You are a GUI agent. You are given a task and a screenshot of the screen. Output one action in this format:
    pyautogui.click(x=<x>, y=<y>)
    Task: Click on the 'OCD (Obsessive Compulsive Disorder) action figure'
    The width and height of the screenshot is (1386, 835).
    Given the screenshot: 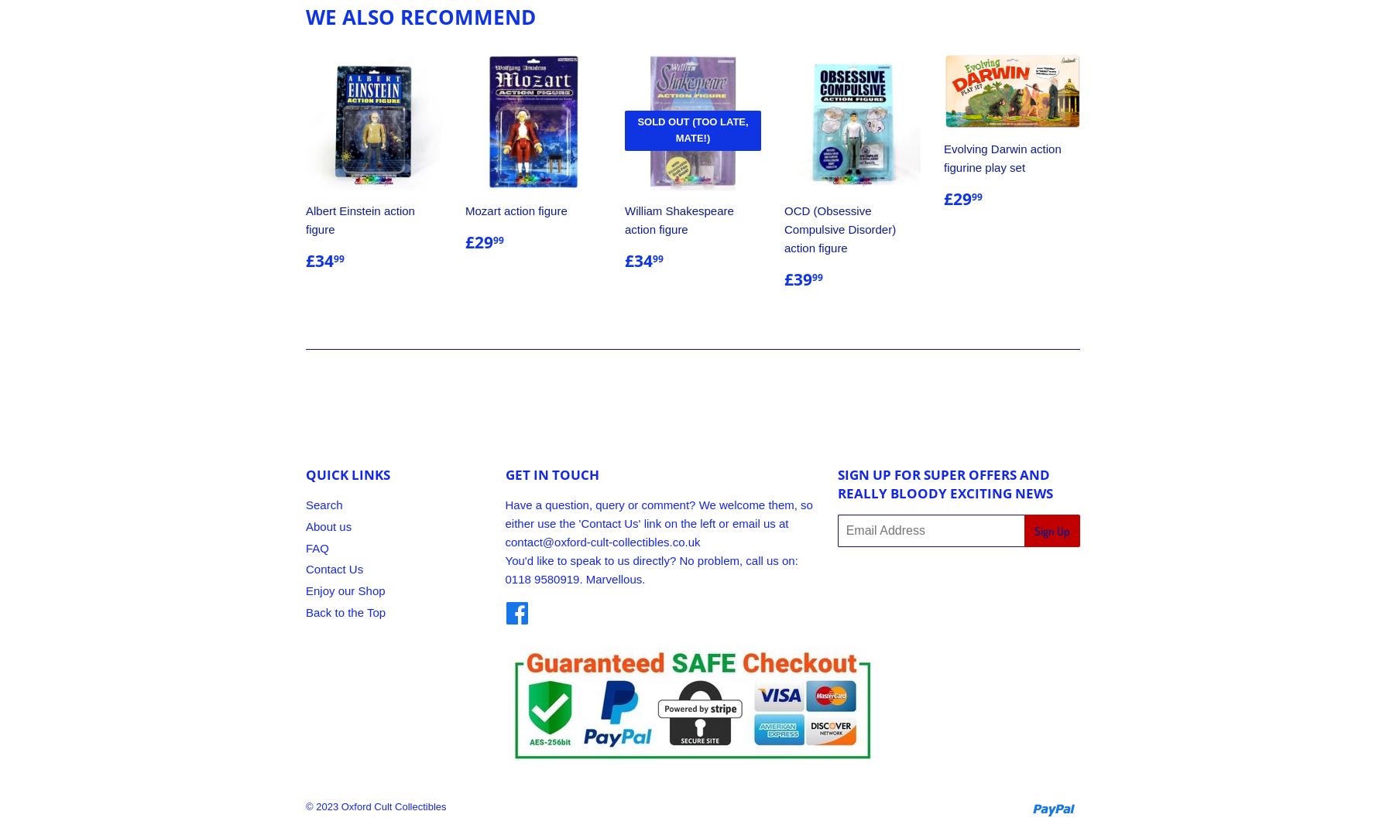 What is the action you would take?
    pyautogui.click(x=839, y=228)
    